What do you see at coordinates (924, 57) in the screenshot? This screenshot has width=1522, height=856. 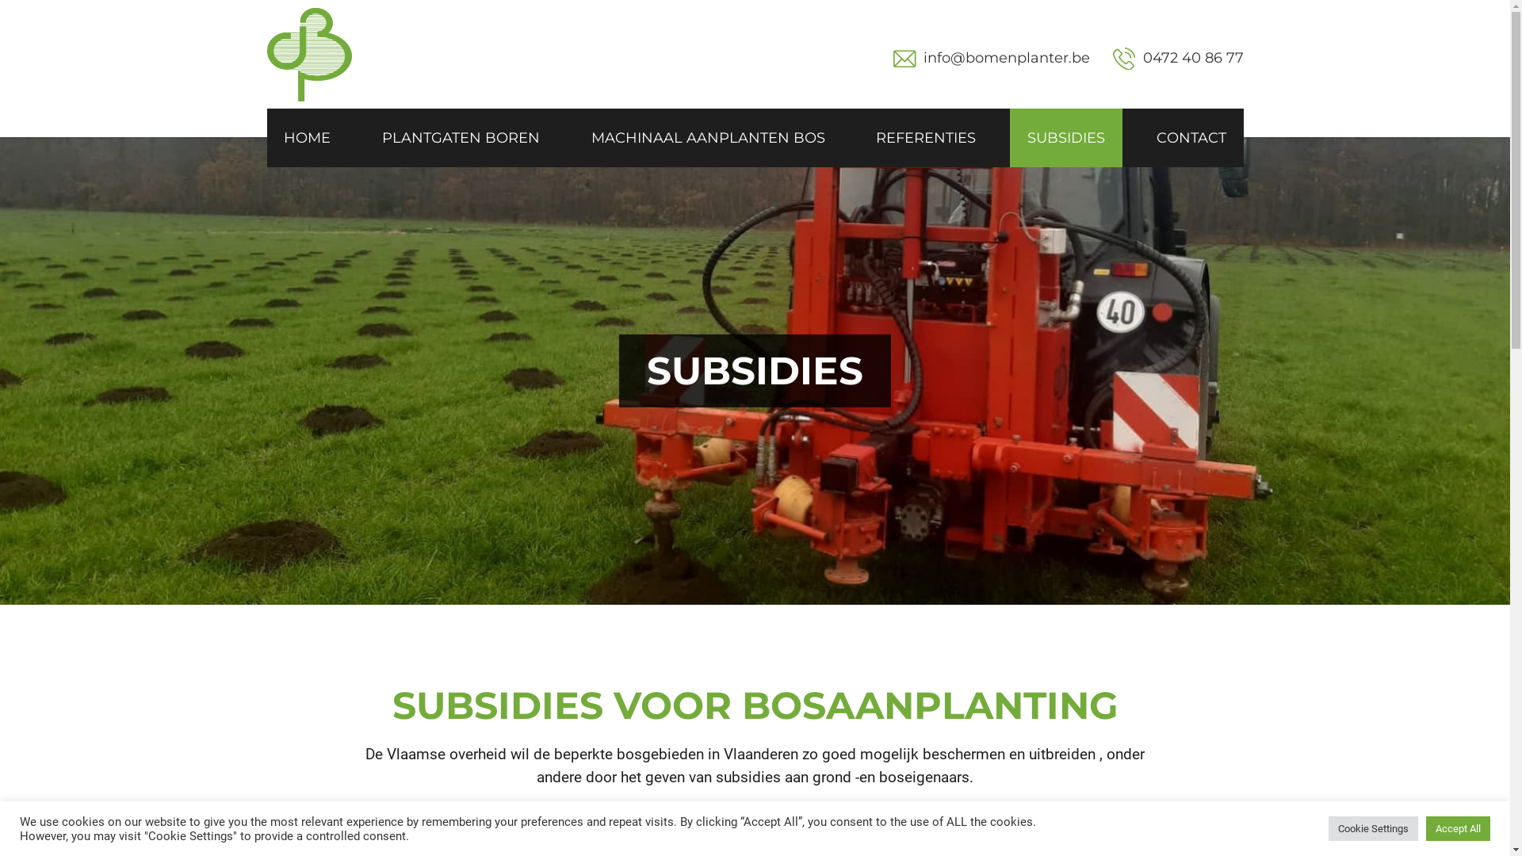 I see `'info@bomenplanter.be'` at bounding box center [924, 57].